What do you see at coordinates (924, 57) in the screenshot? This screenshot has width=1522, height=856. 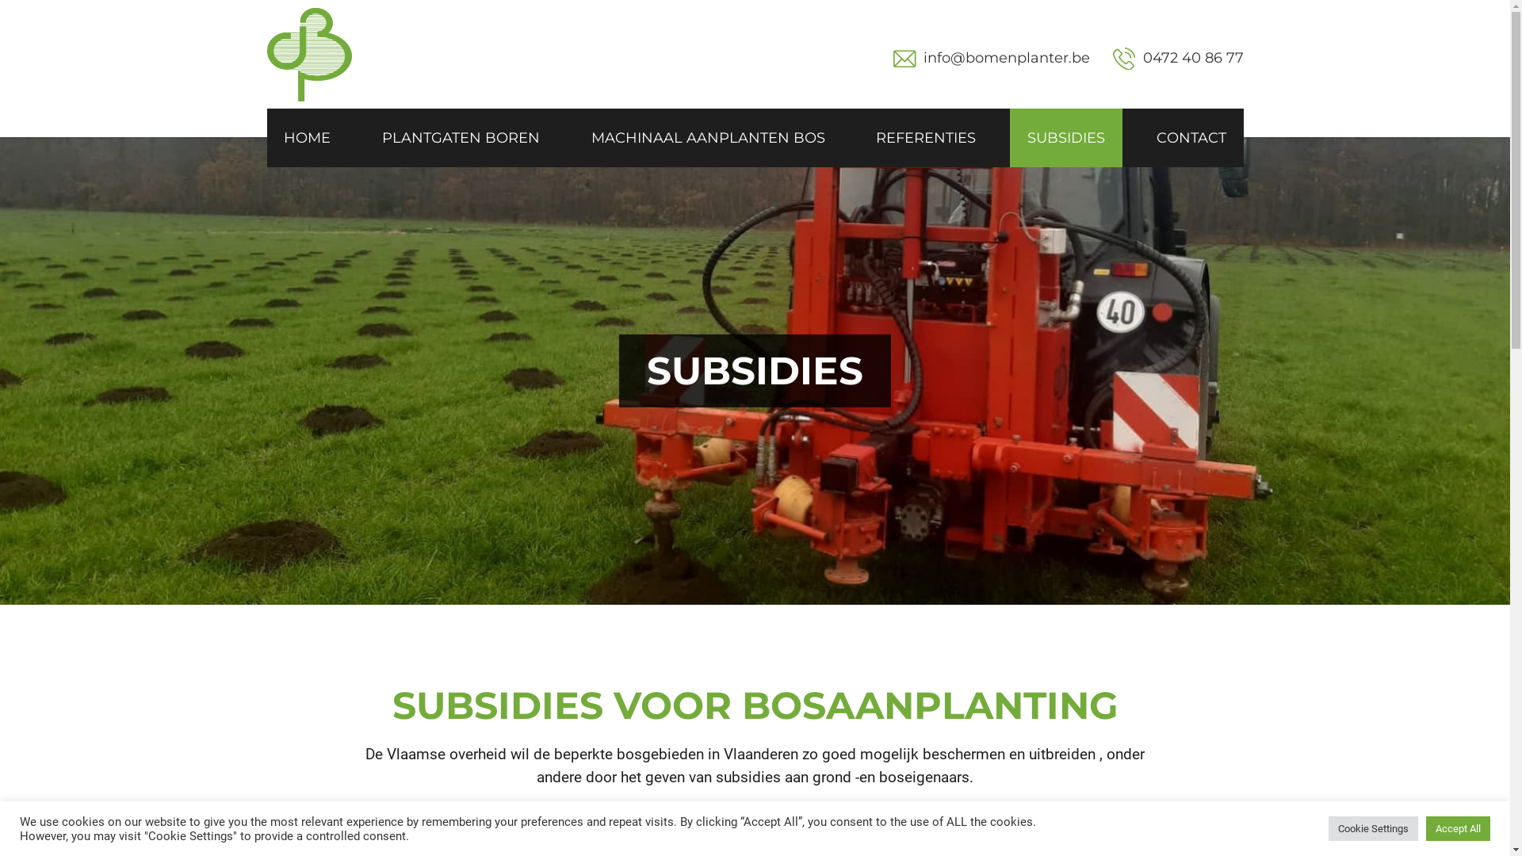 I see `'info@bomenplanter.be'` at bounding box center [924, 57].